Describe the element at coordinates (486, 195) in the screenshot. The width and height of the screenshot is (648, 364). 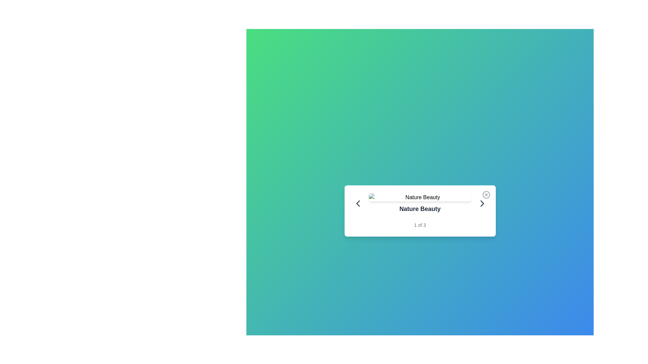
I see `the circular outline of the close icon located in the top-right corner of the card-like interface that contains the text 'Nature Beauty' and '1 of 3'` at that location.